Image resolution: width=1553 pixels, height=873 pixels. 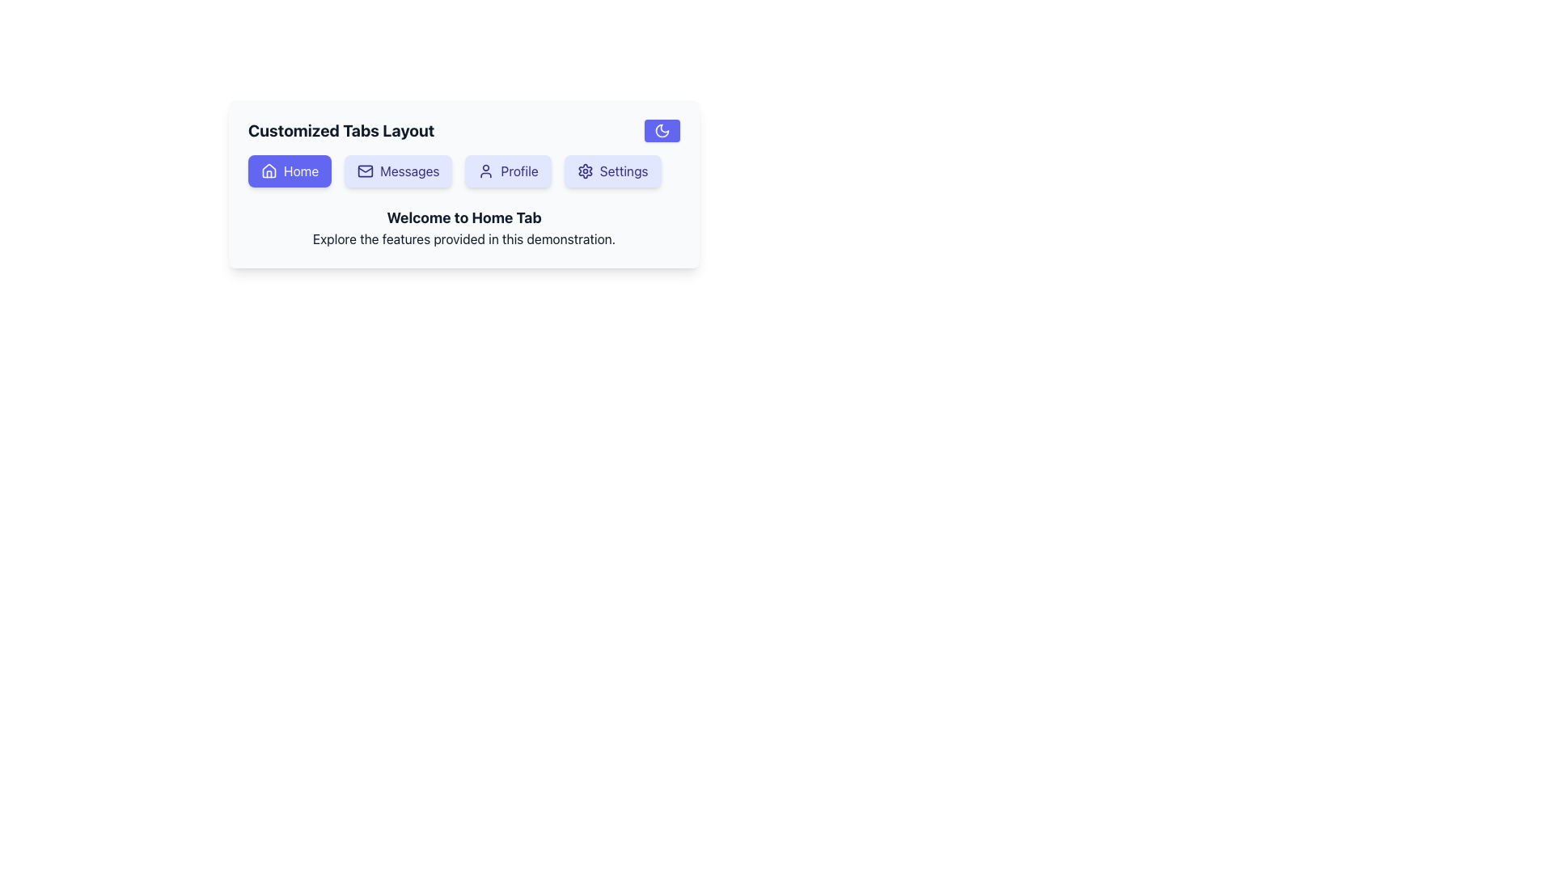 What do you see at coordinates (364, 171) in the screenshot?
I see `the messaging icon located in the top left section of the layout, which is part of the 'Messages' button next to the 'Home' button and before the 'Profile' button` at bounding box center [364, 171].